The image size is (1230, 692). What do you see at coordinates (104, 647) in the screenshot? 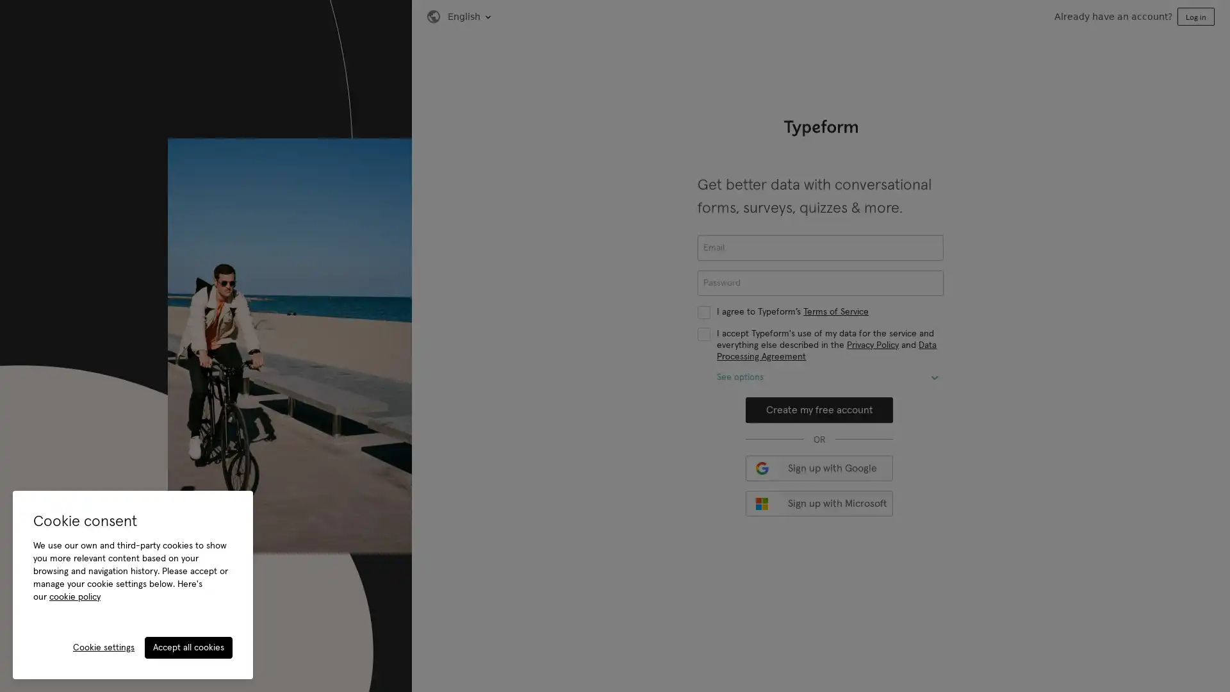
I see `Cookie settings` at bounding box center [104, 647].